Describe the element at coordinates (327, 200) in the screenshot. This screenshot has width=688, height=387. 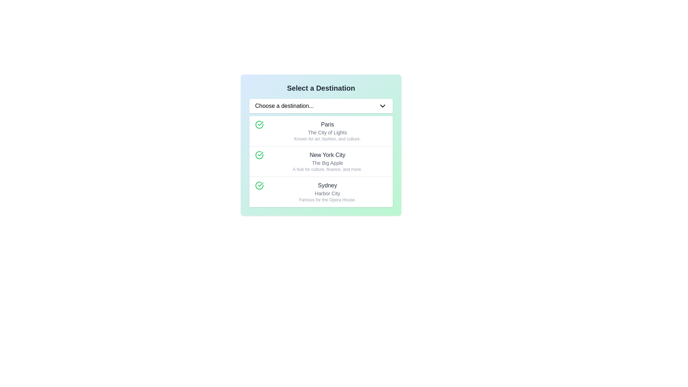
I see `the Text label providing contextual information about 'Sydney,' located below the title and subtitle in a selectable list item` at that location.